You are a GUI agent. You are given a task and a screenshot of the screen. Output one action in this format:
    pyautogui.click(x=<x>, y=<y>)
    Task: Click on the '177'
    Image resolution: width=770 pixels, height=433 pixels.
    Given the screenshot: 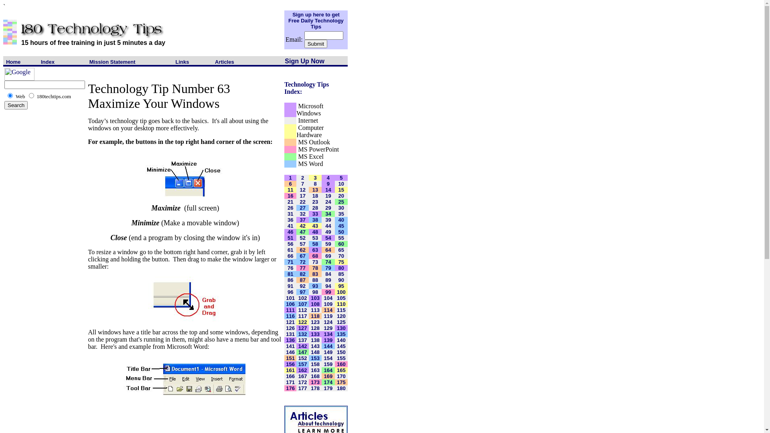 What is the action you would take?
    pyautogui.click(x=302, y=387)
    